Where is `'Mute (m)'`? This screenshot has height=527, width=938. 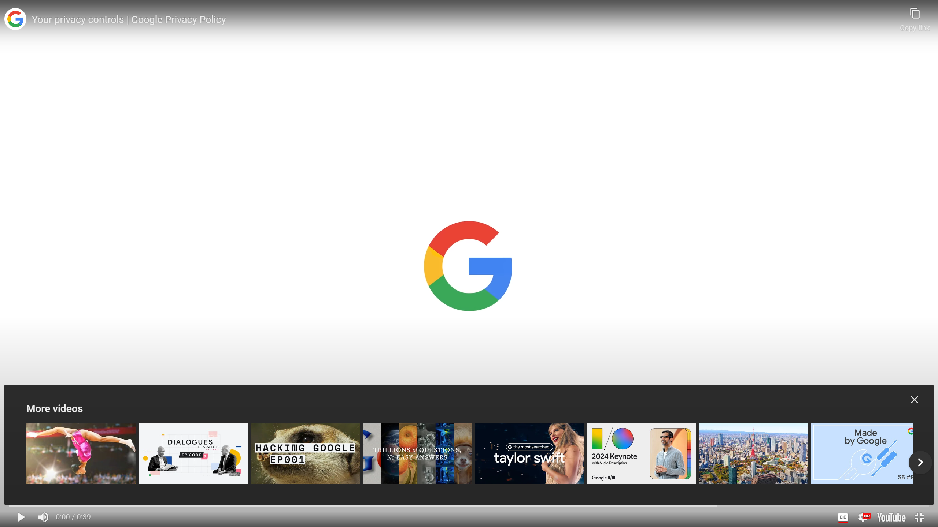 'Mute (m)' is located at coordinates (43, 517).